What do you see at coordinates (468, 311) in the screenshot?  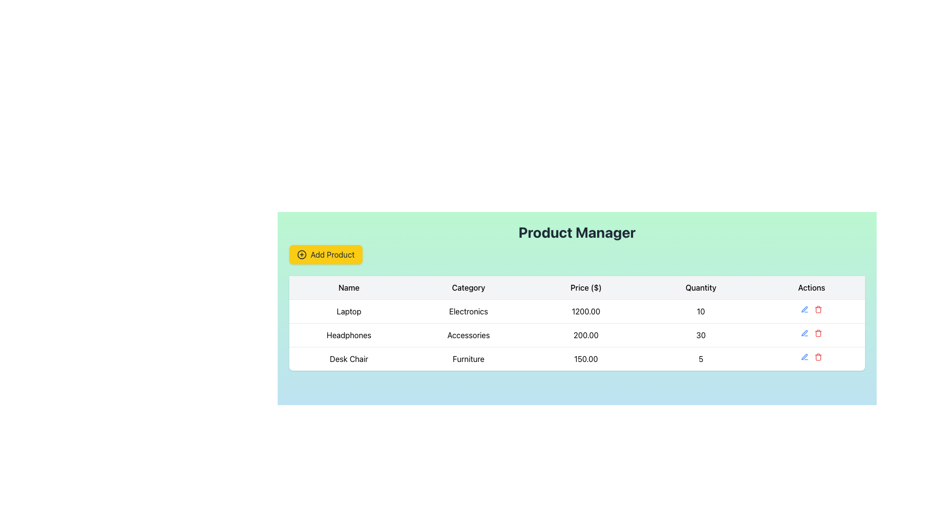 I see `the 'Electronics' Text Display element, which is the second cell in the row for 'Laptop', featuring bold text on a white background` at bounding box center [468, 311].